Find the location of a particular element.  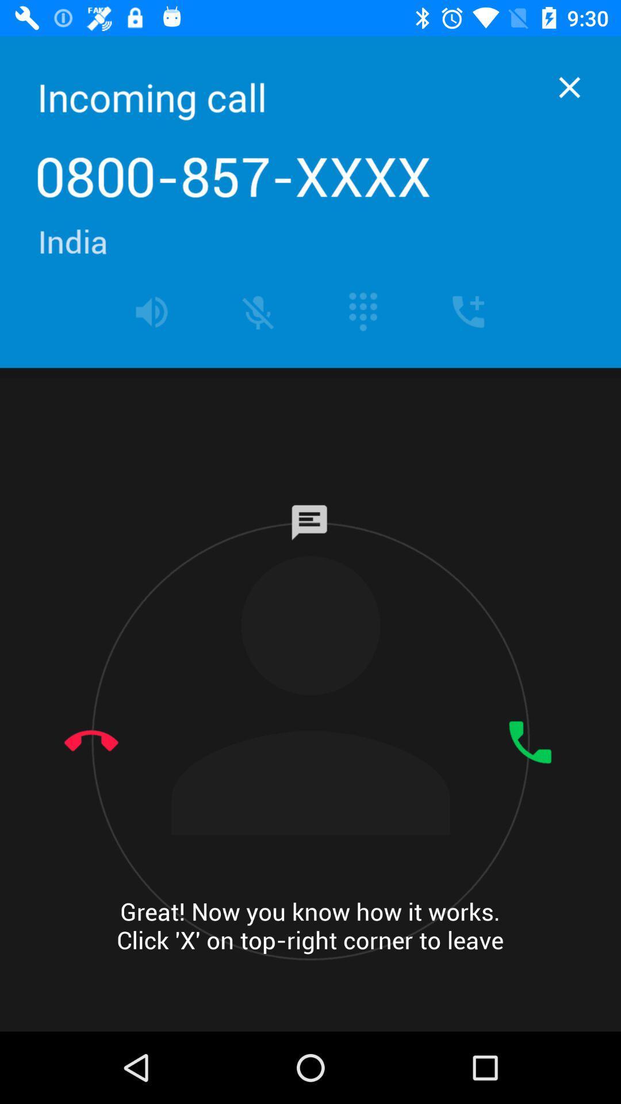

exit is located at coordinates (569, 87).